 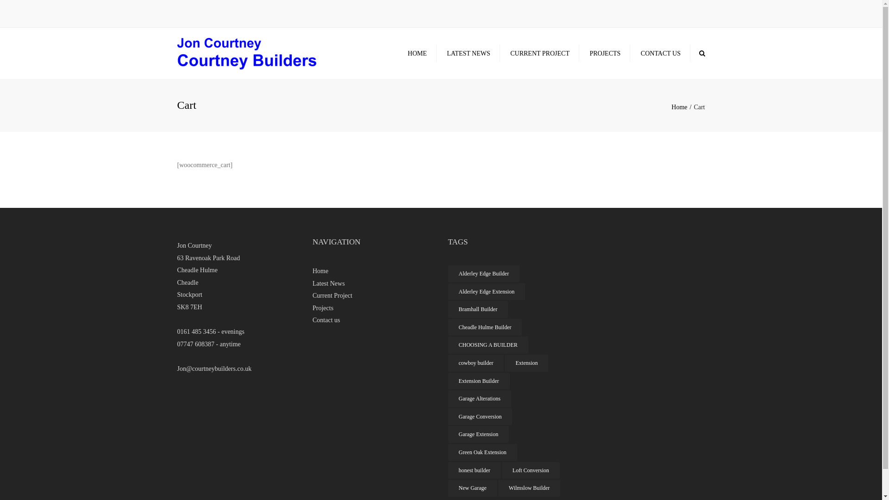 I want to click on 'Garage Extension', so click(x=478, y=434).